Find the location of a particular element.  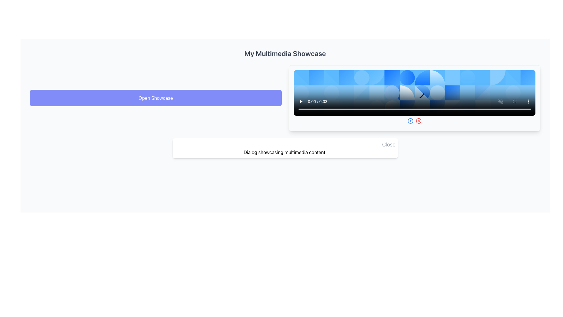

the play/pause button on the video player featuring abstract blue shapes located below 'My Multimedia Showcase' is located at coordinates (414, 92).